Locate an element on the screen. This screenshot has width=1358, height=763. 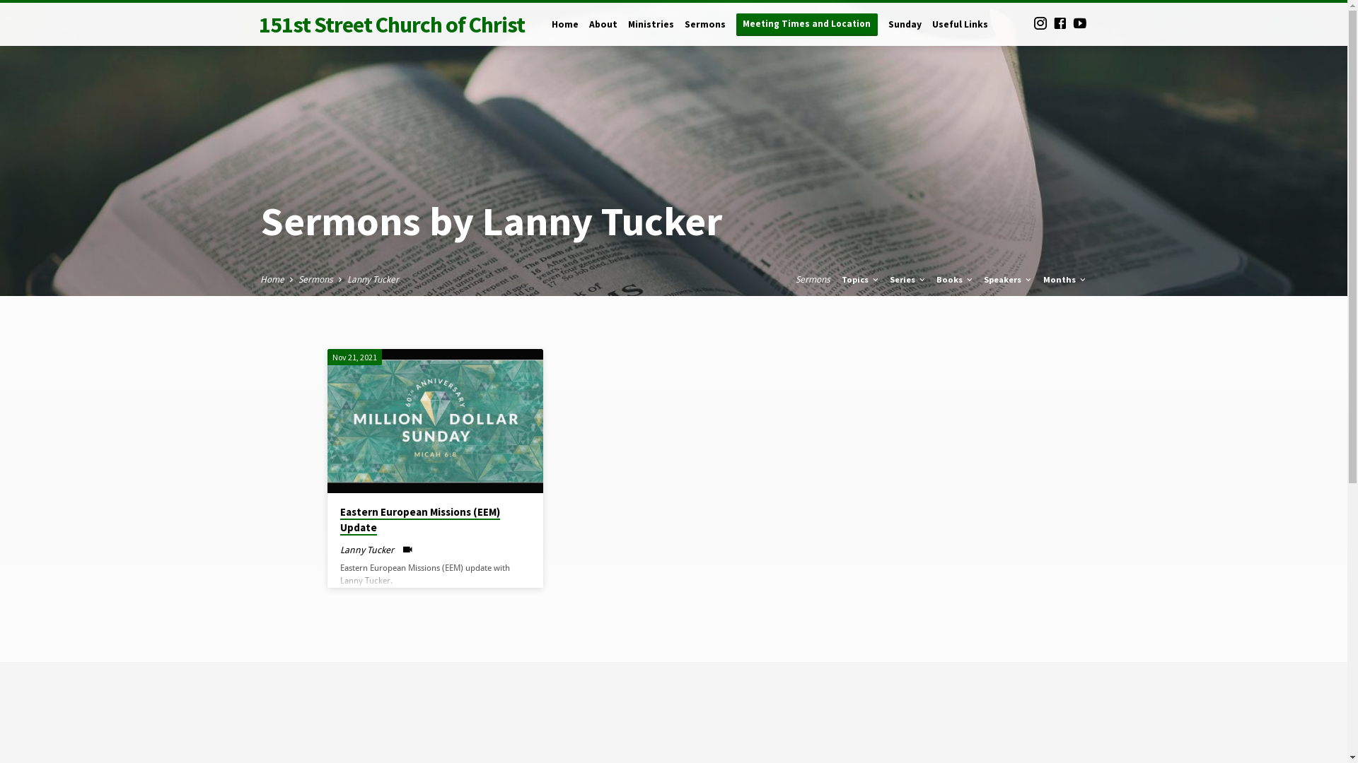
'Sermons' is located at coordinates (315, 279).